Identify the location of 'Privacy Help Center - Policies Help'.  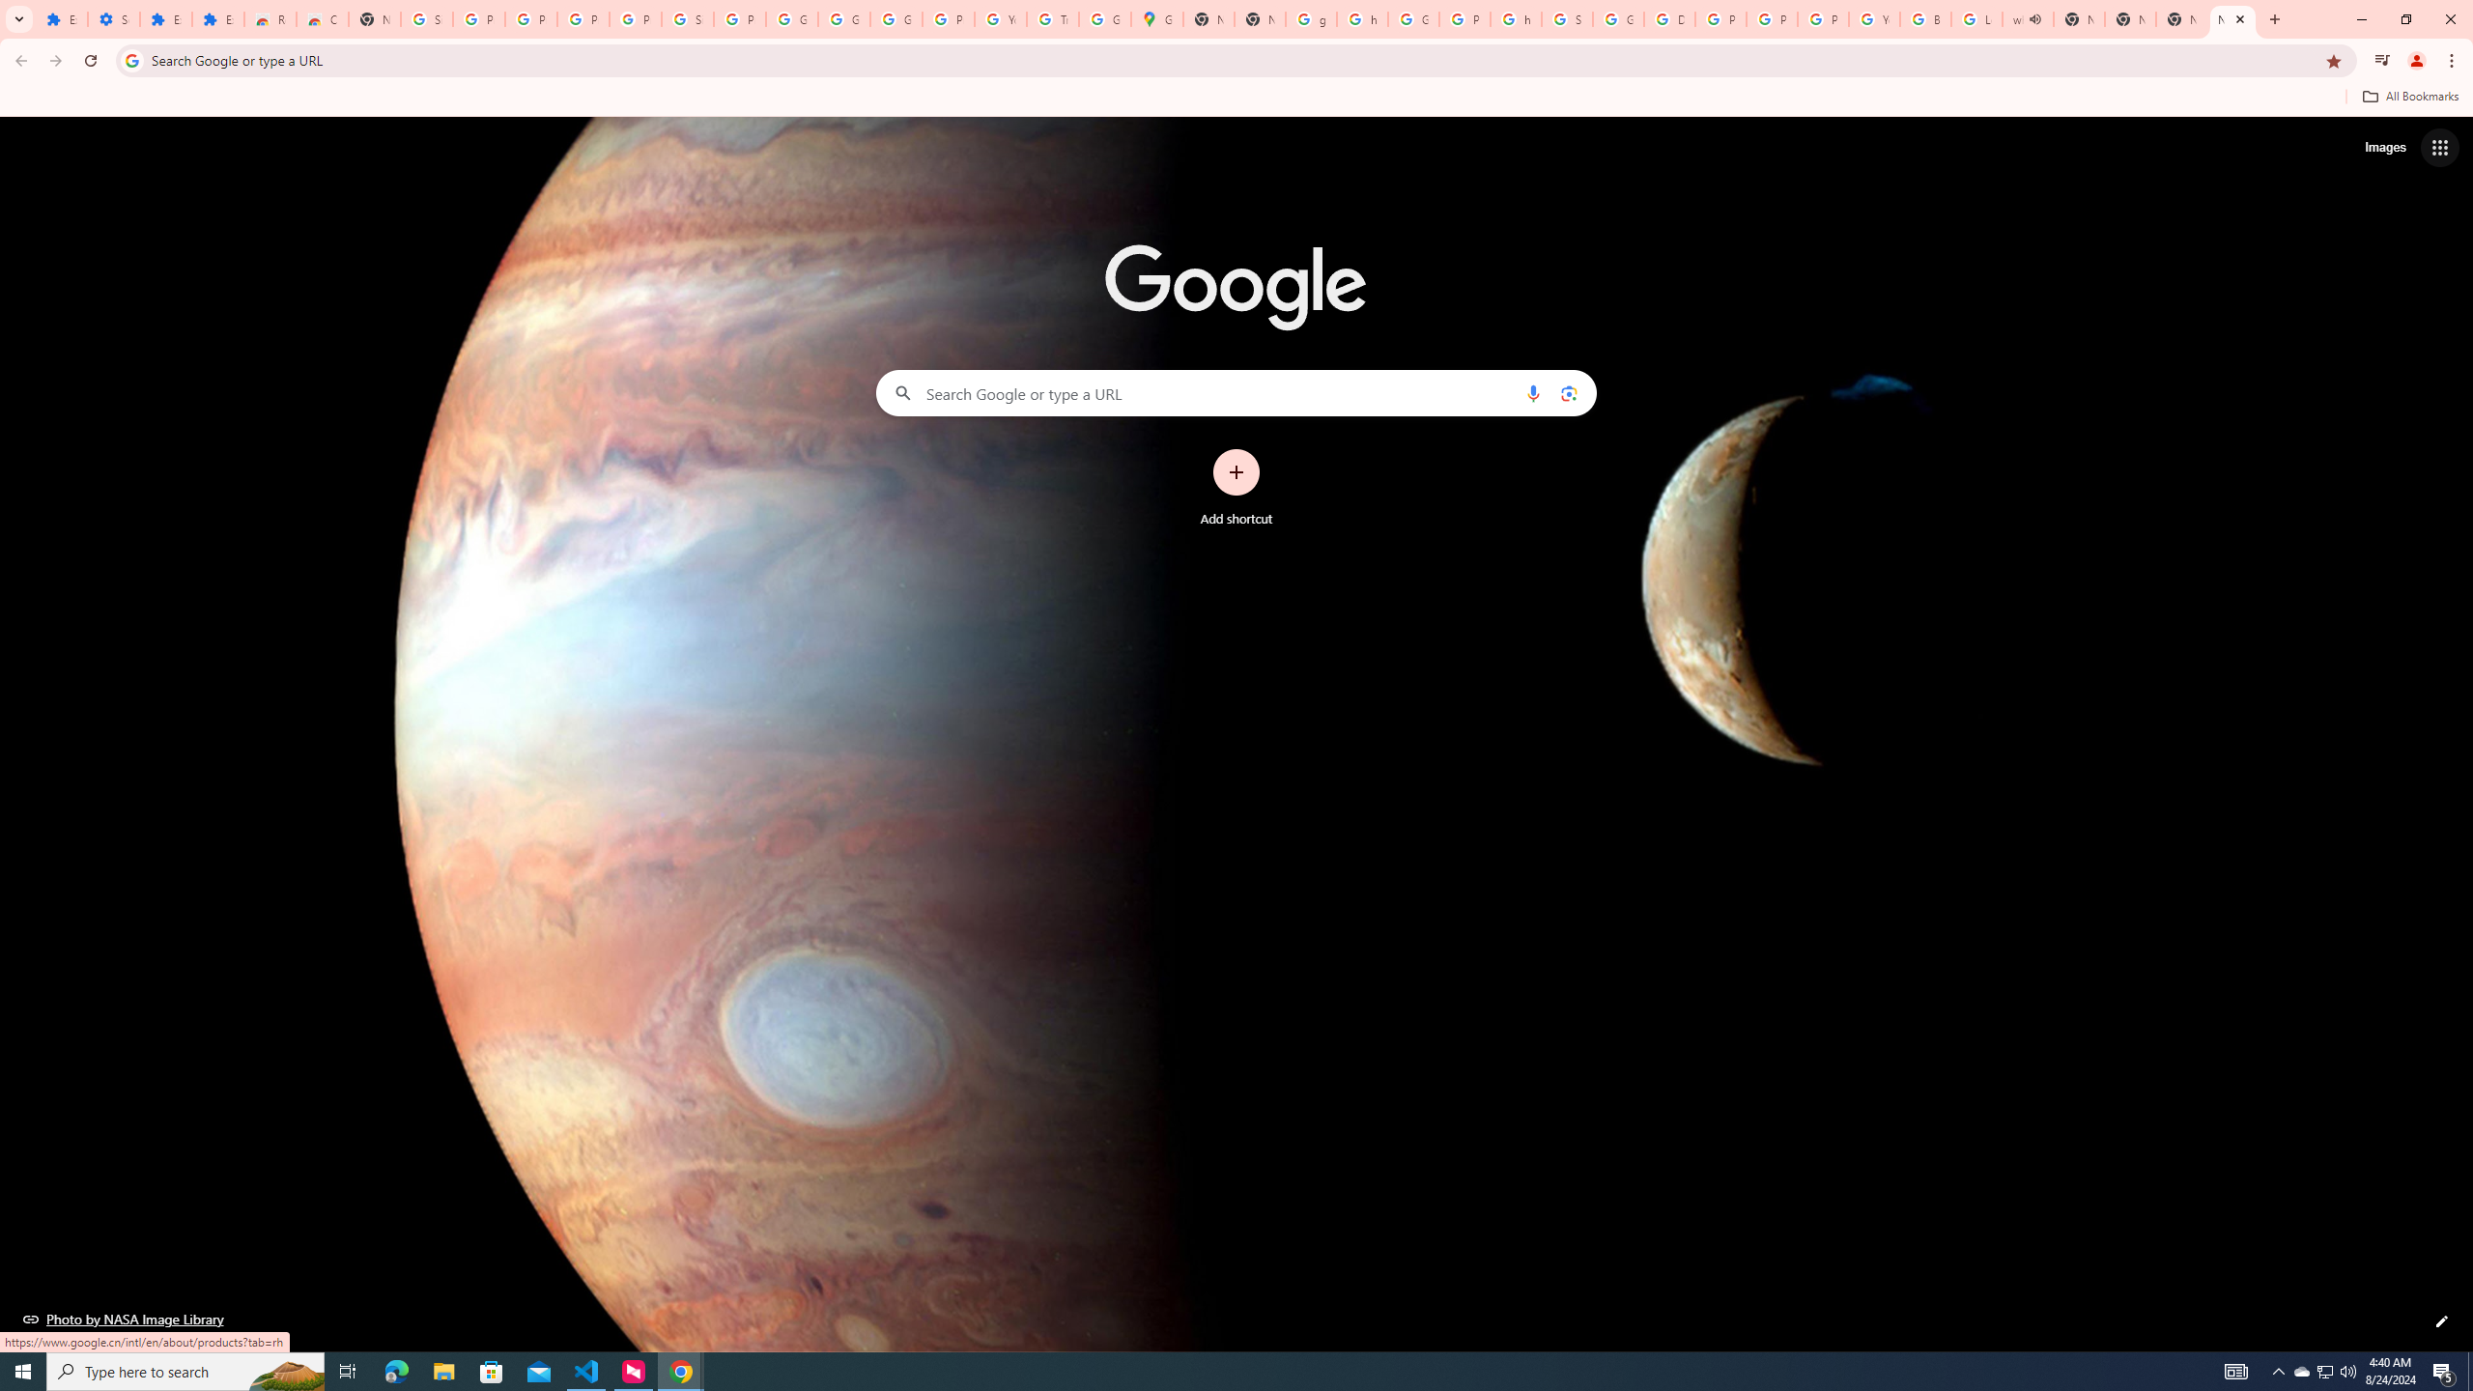
(1772, 18).